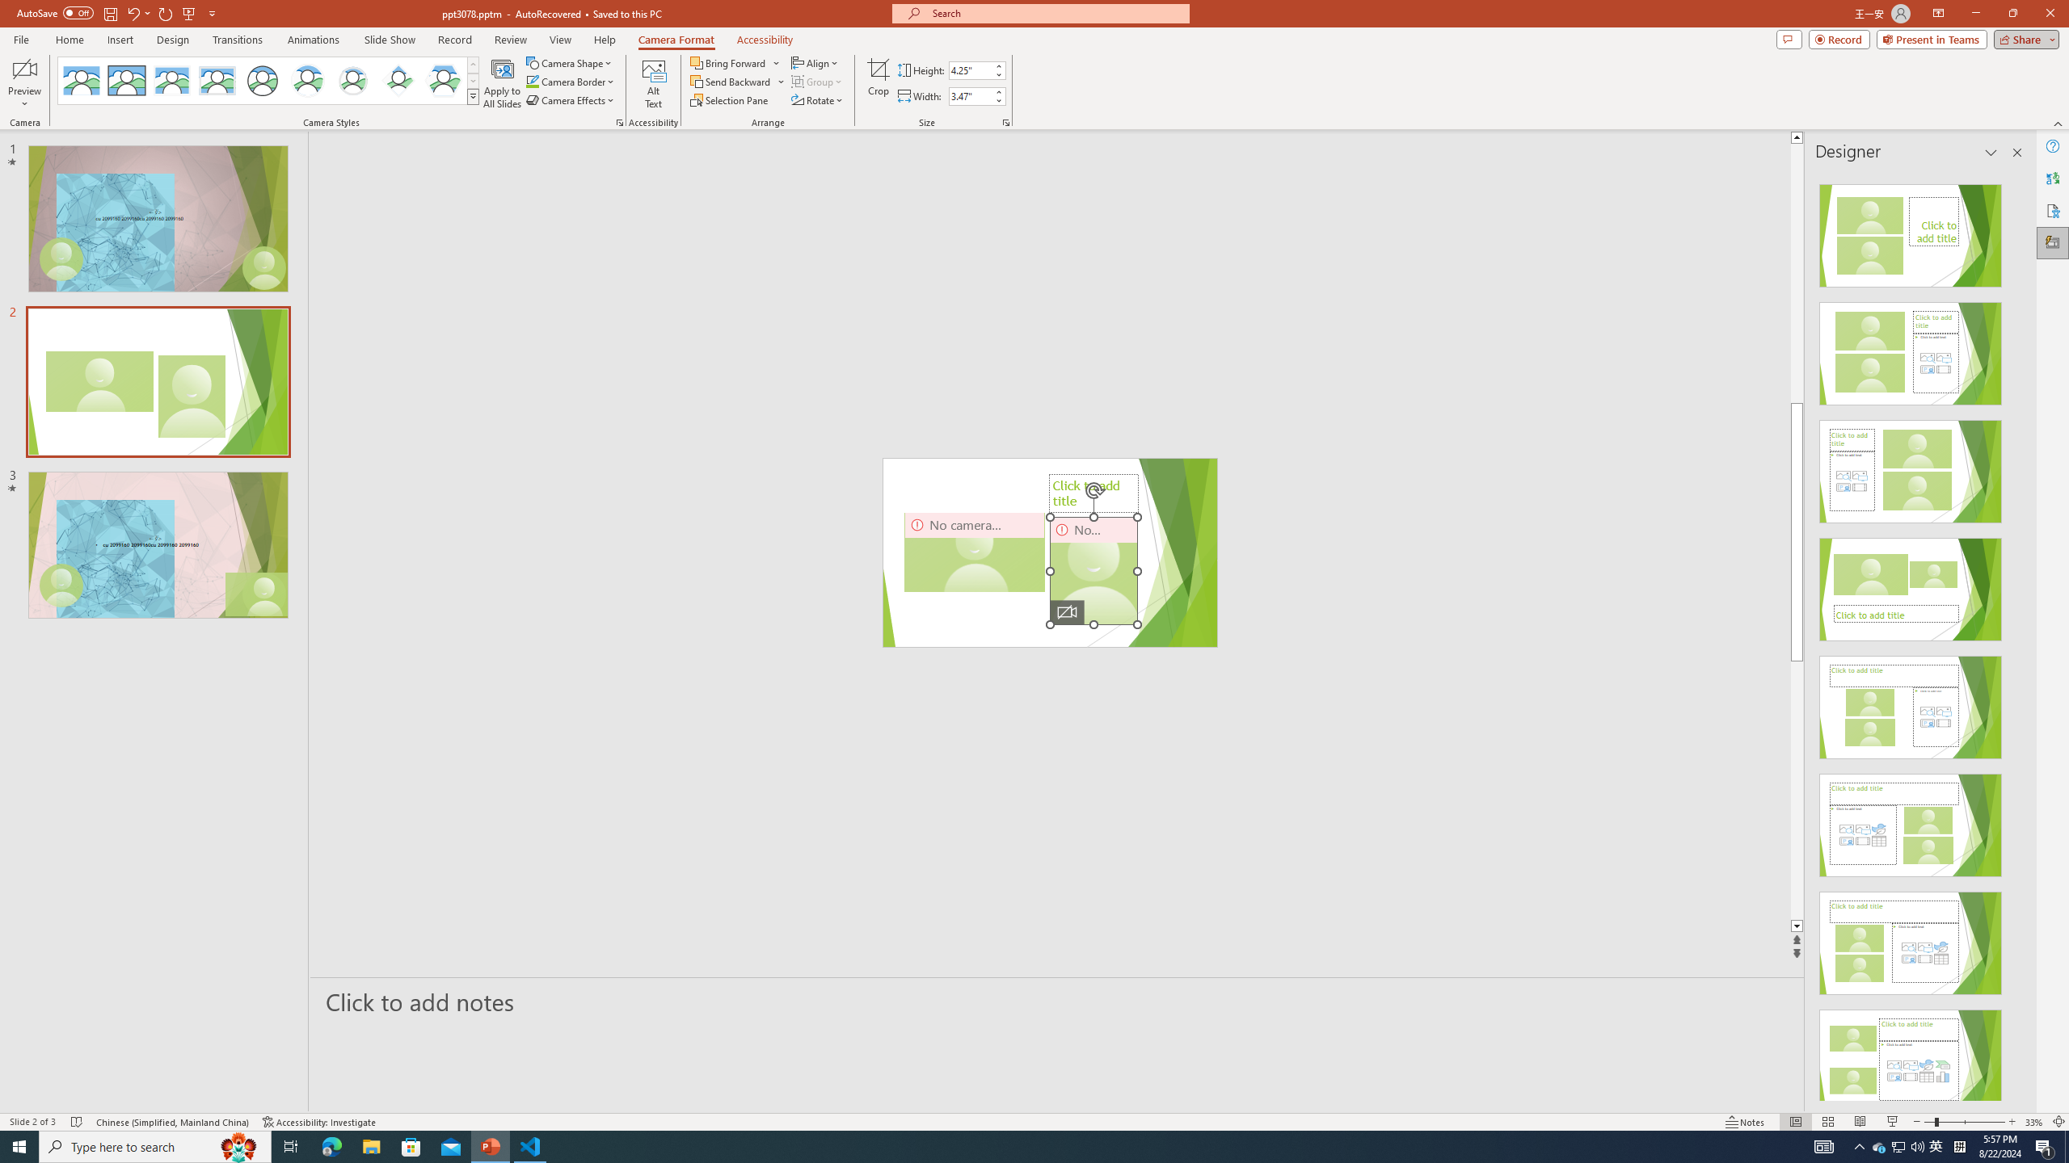 The height and width of the screenshot is (1163, 2069). I want to click on 'Center Shadow Rectangle', so click(171, 80).